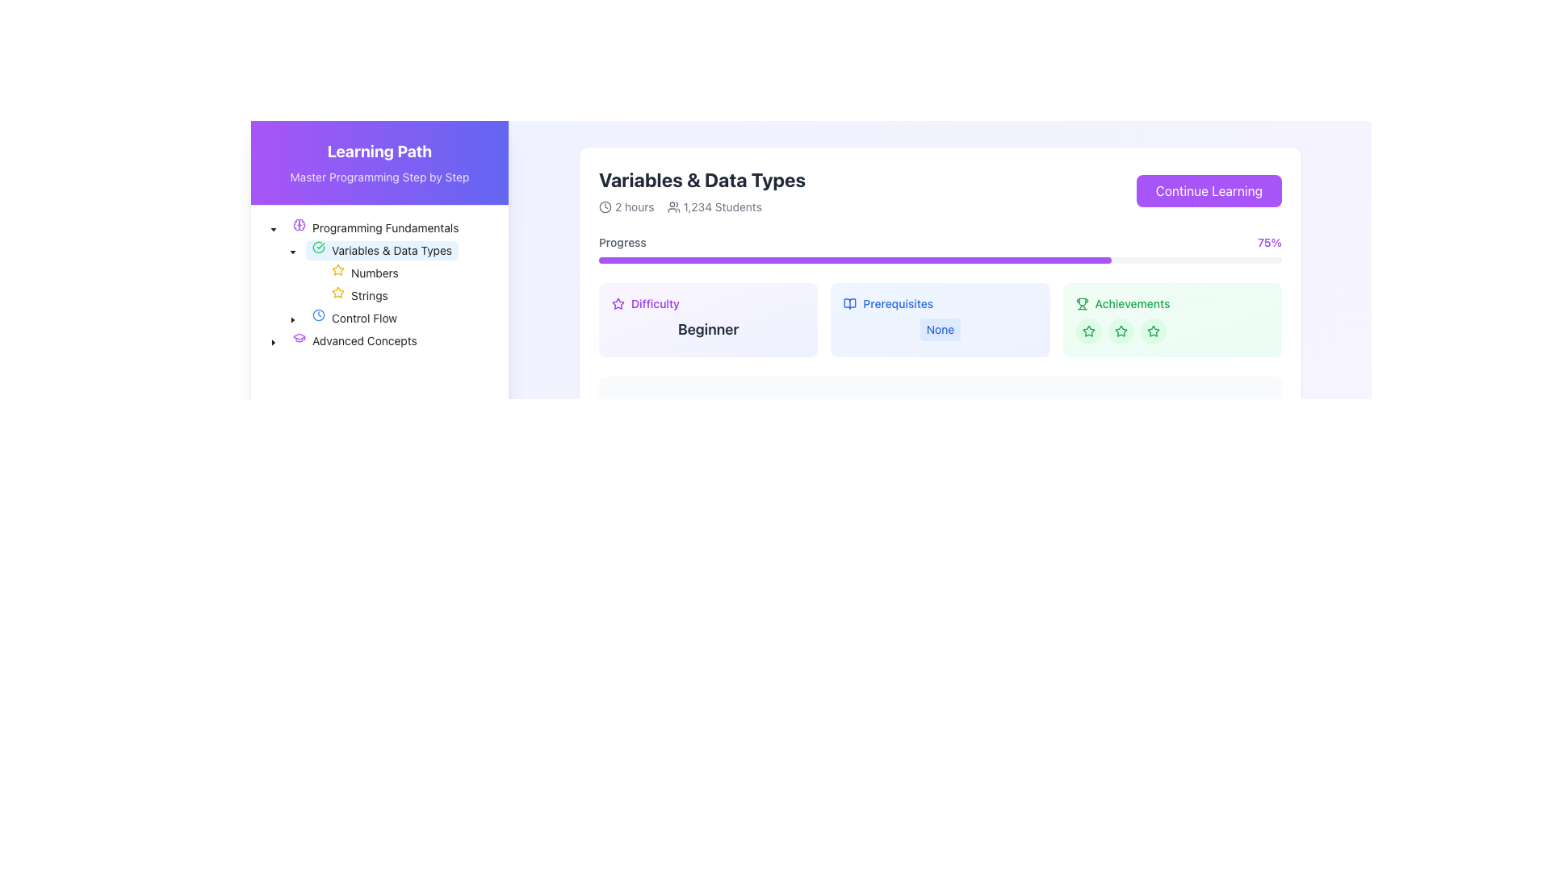 Image resolution: width=1550 pixels, height=871 pixels. I want to click on the 'Advanced Concepts' text label within the collapsible tree structure, so click(342, 340).